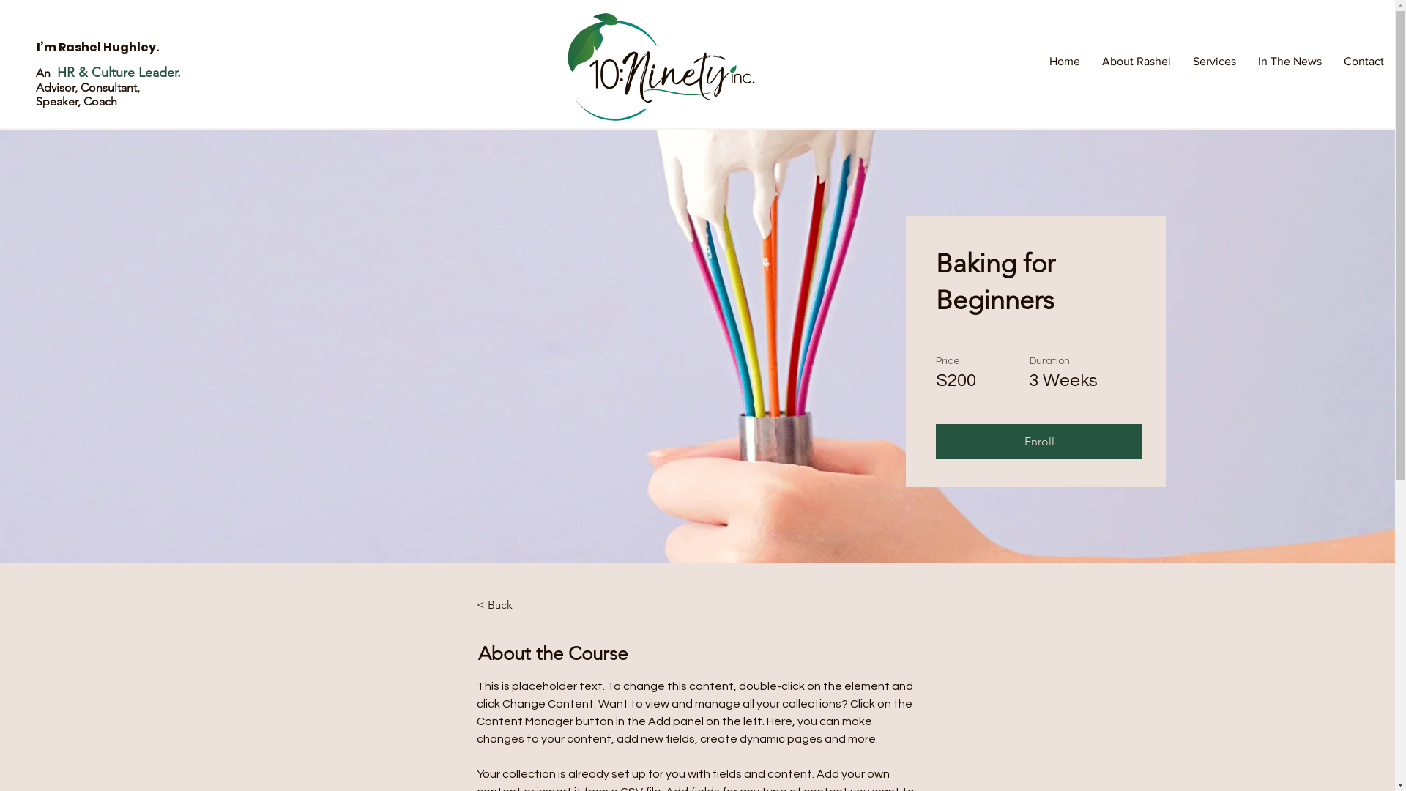 Image resolution: width=1406 pixels, height=791 pixels. What do you see at coordinates (1214, 61) in the screenshot?
I see `'Services'` at bounding box center [1214, 61].